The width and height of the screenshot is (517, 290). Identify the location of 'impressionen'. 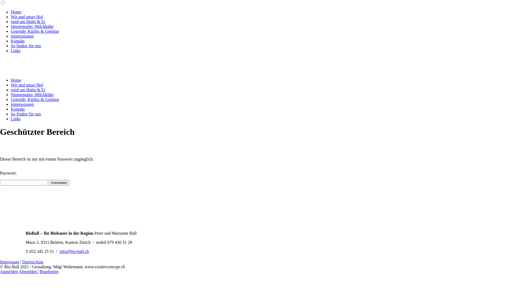
(22, 104).